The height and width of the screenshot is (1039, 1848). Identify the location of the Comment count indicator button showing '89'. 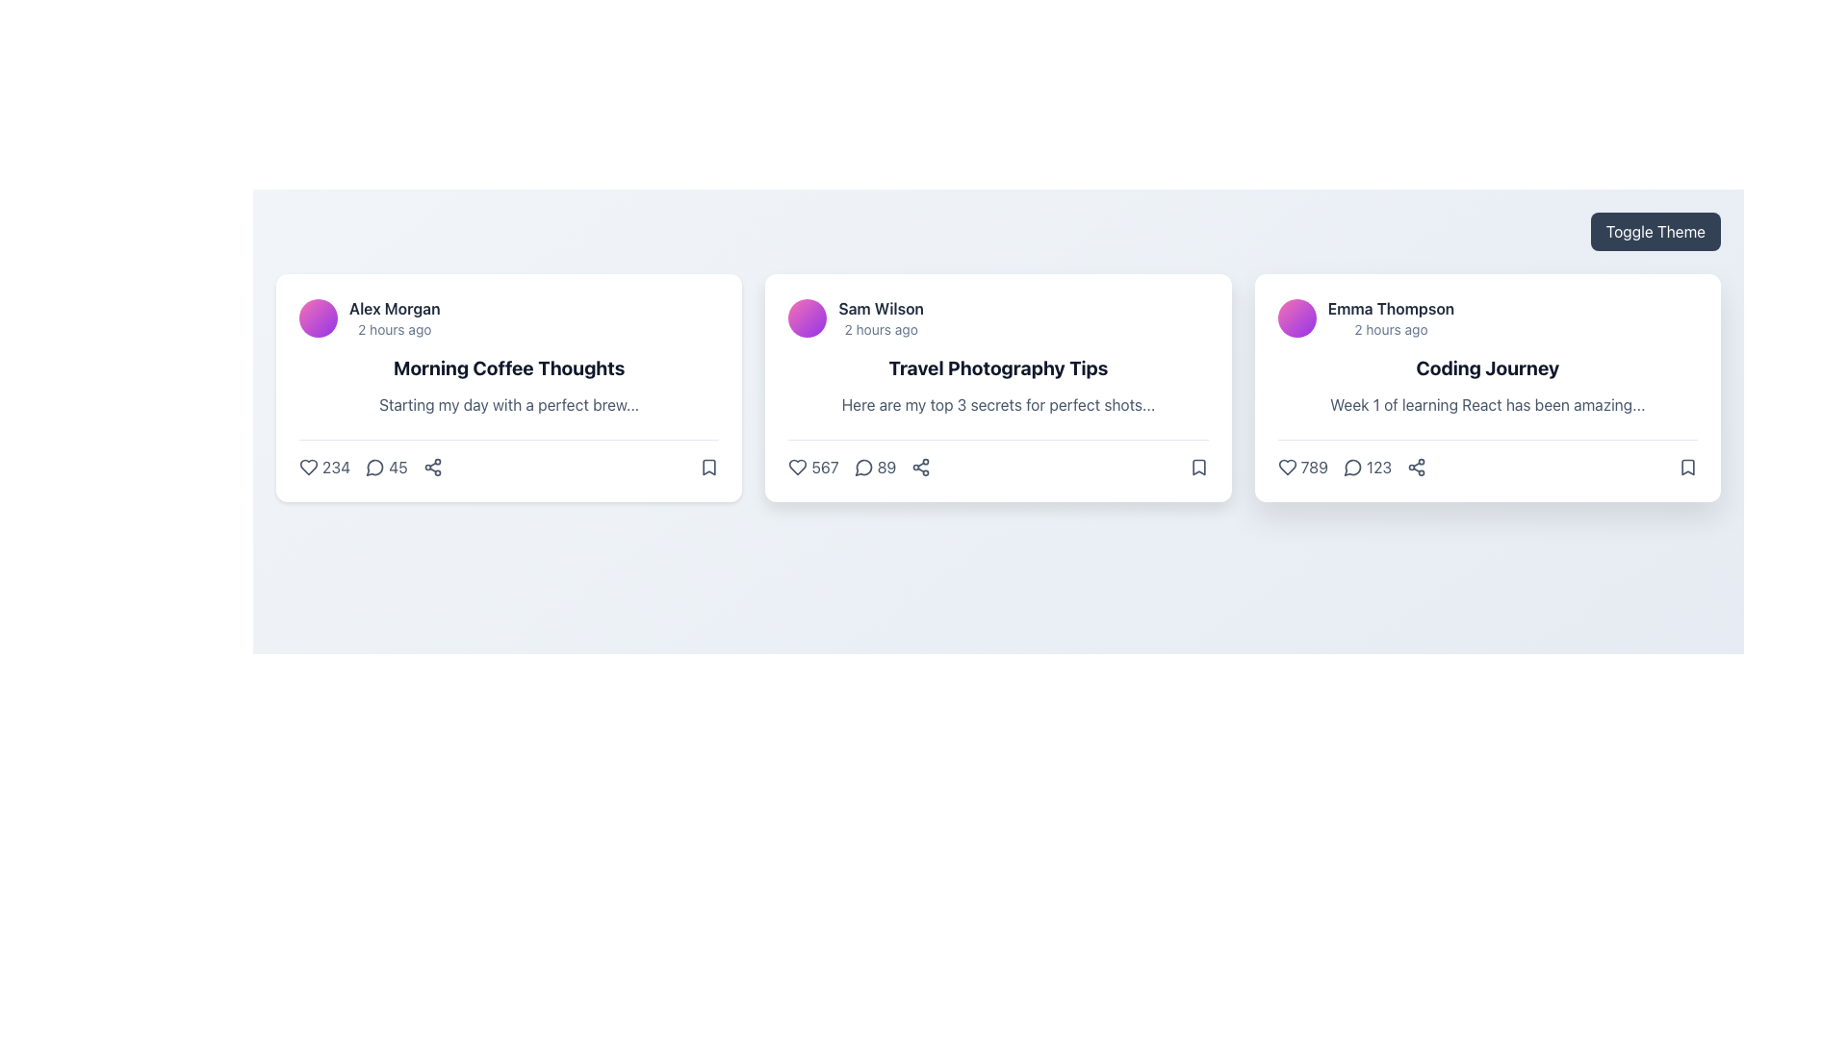
(874, 468).